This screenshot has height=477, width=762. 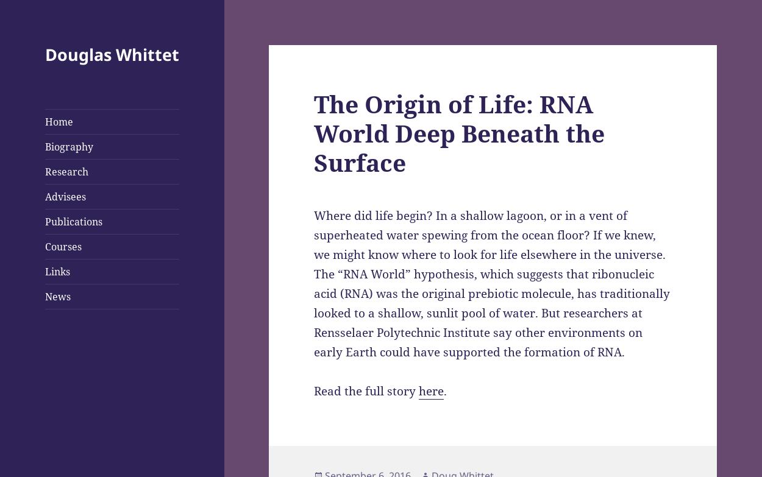 What do you see at coordinates (64, 196) in the screenshot?
I see `'Advisees'` at bounding box center [64, 196].